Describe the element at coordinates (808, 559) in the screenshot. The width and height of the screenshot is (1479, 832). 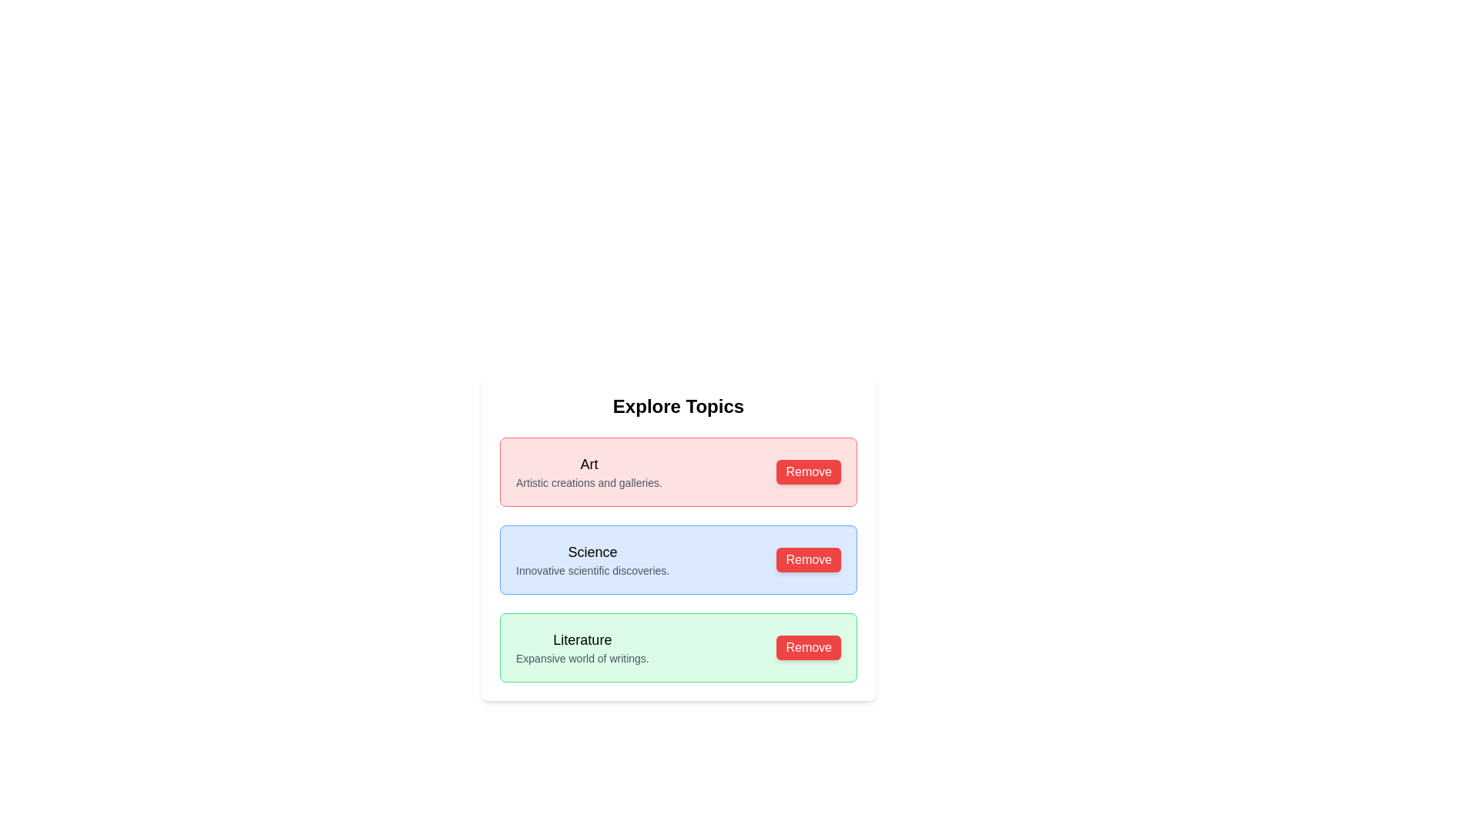
I see `the remove button for the chip labeled 'Science'` at that location.